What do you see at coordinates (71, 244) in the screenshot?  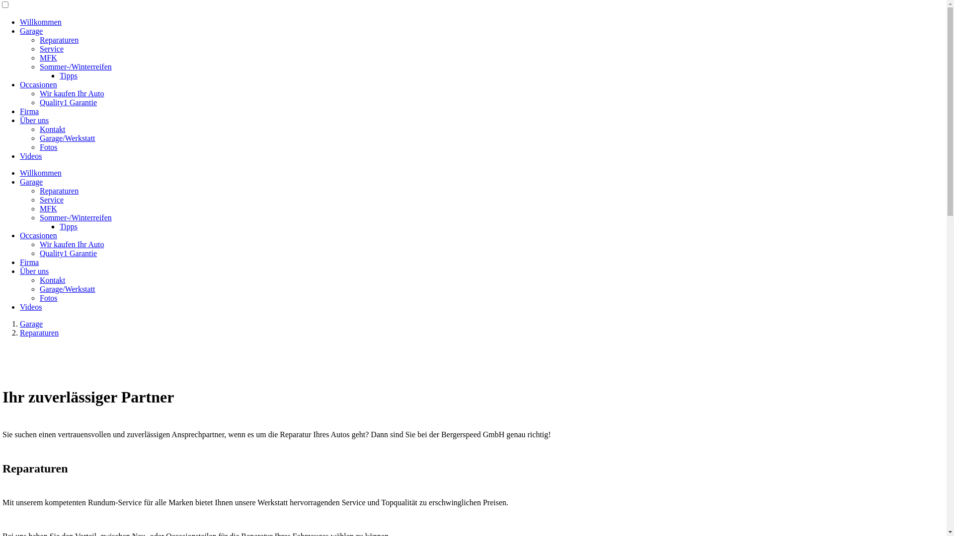 I see `'Wir kaufen Ihr Auto'` at bounding box center [71, 244].